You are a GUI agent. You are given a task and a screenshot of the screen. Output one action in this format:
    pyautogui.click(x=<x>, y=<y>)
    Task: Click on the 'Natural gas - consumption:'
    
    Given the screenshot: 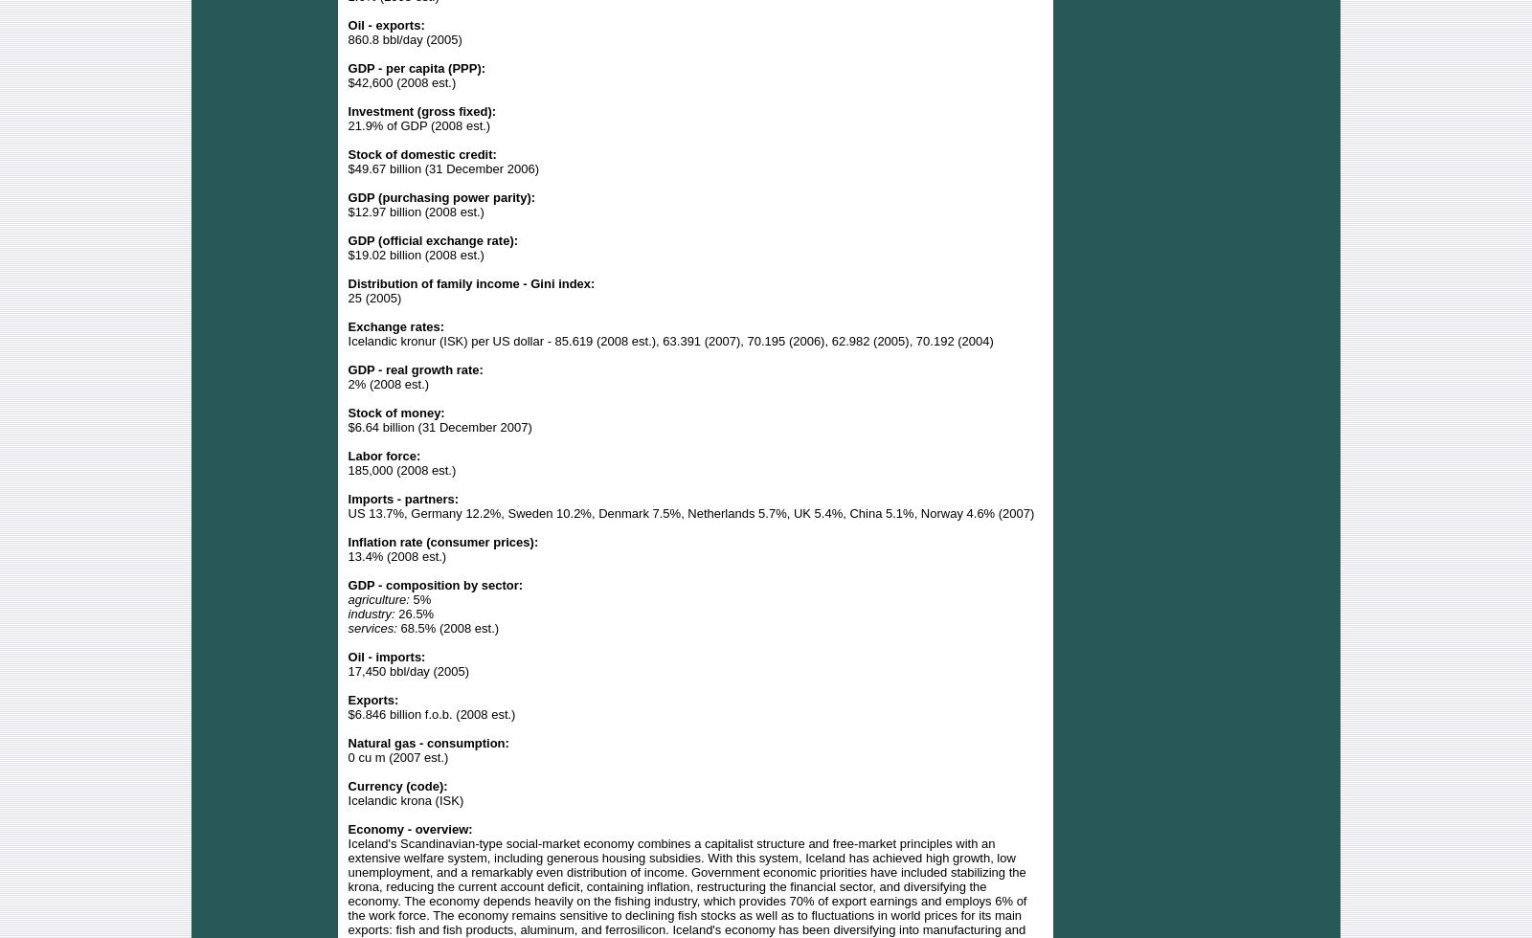 What is the action you would take?
    pyautogui.click(x=427, y=742)
    